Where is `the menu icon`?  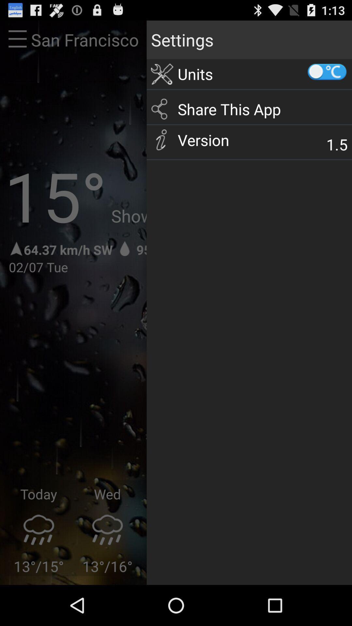 the menu icon is located at coordinates (17, 42).